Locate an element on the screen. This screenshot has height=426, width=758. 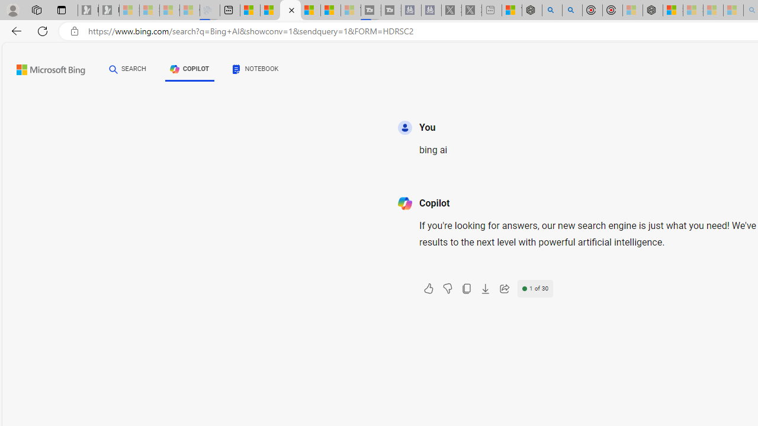
'Dislike' is located at coordinates (447, 289).